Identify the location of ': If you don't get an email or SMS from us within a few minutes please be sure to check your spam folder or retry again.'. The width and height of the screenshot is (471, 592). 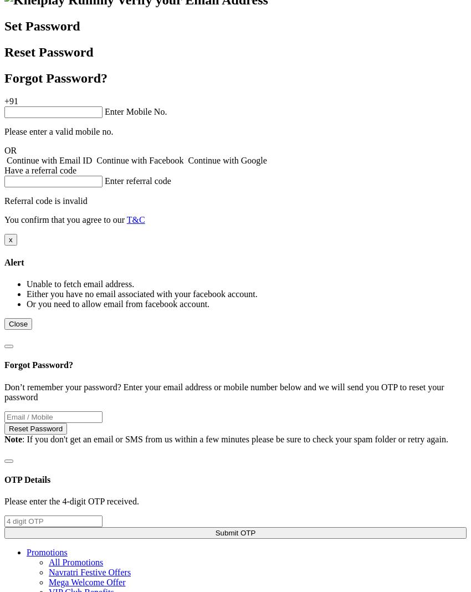
(21, 438).